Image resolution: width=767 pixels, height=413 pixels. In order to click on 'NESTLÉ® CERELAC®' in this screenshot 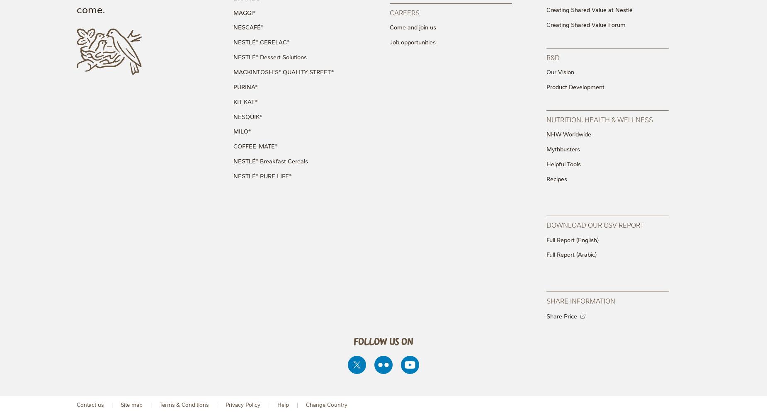, I will do `click(233, 41)`.